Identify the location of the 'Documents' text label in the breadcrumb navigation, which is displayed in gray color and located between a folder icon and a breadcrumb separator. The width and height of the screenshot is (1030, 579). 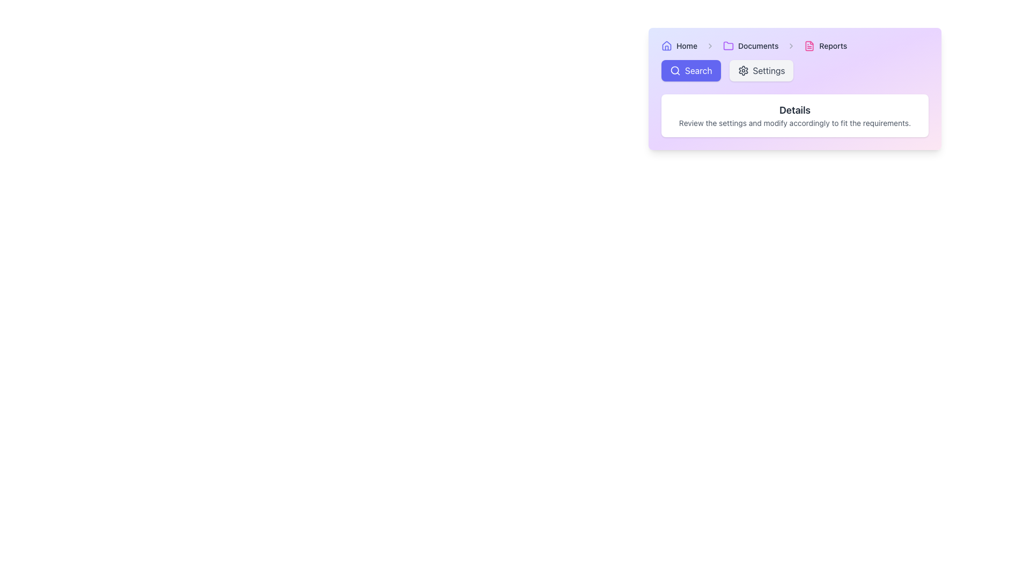
(757, 45).